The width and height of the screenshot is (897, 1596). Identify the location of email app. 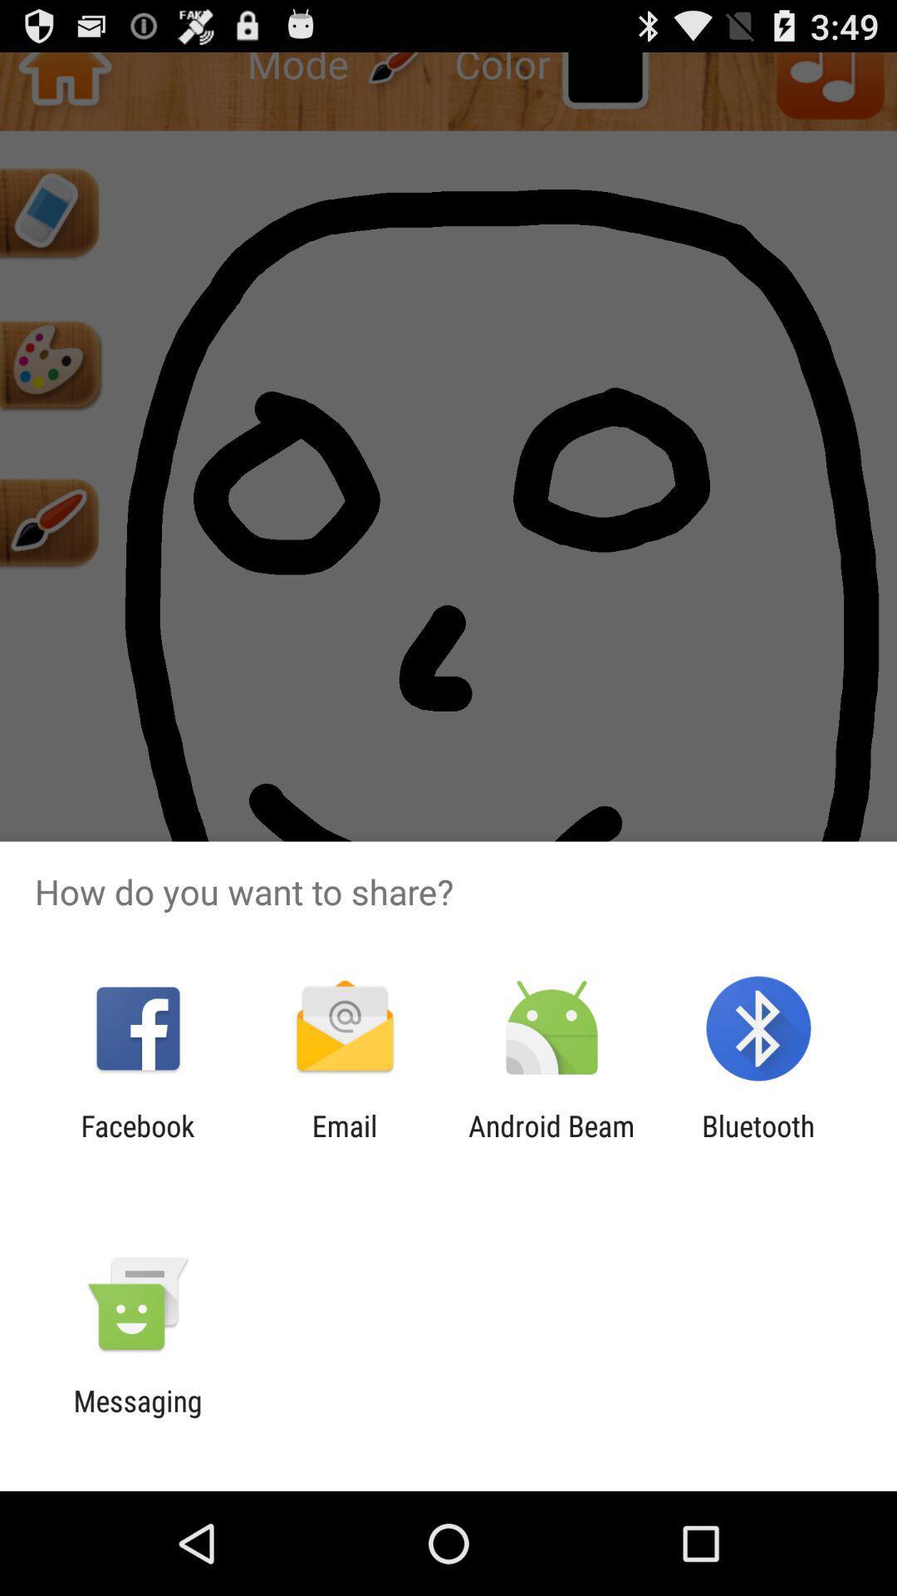
(344, 1142).